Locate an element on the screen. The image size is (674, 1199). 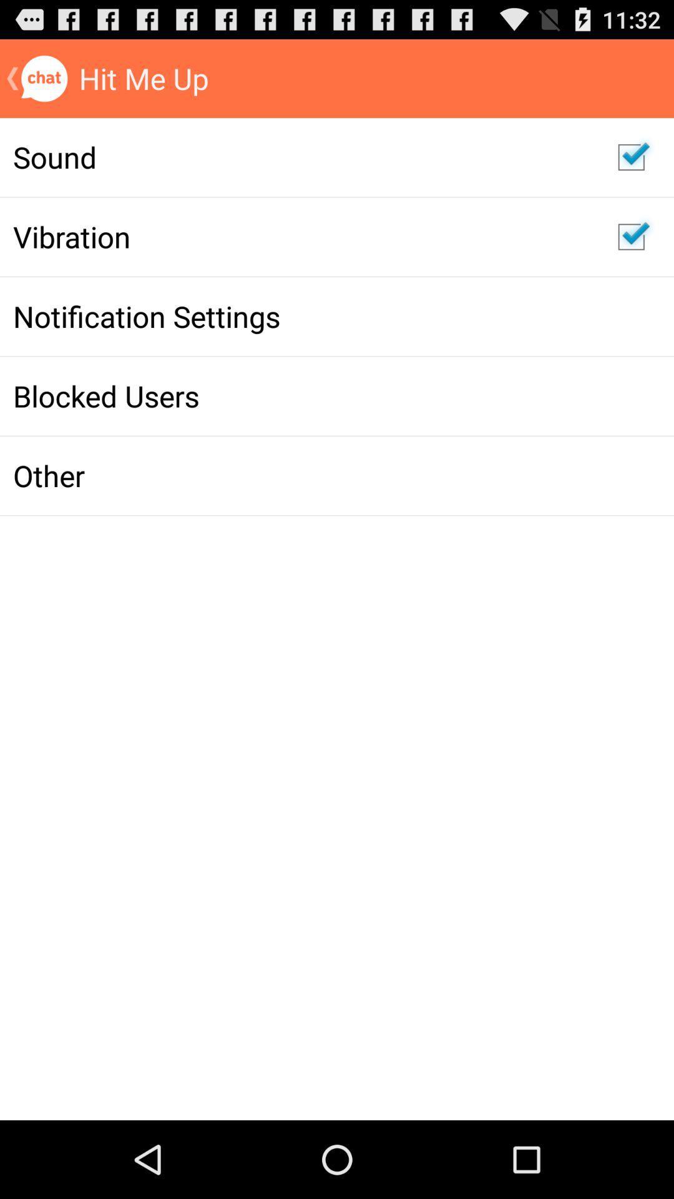
other item is located at coordinates (302, 475).